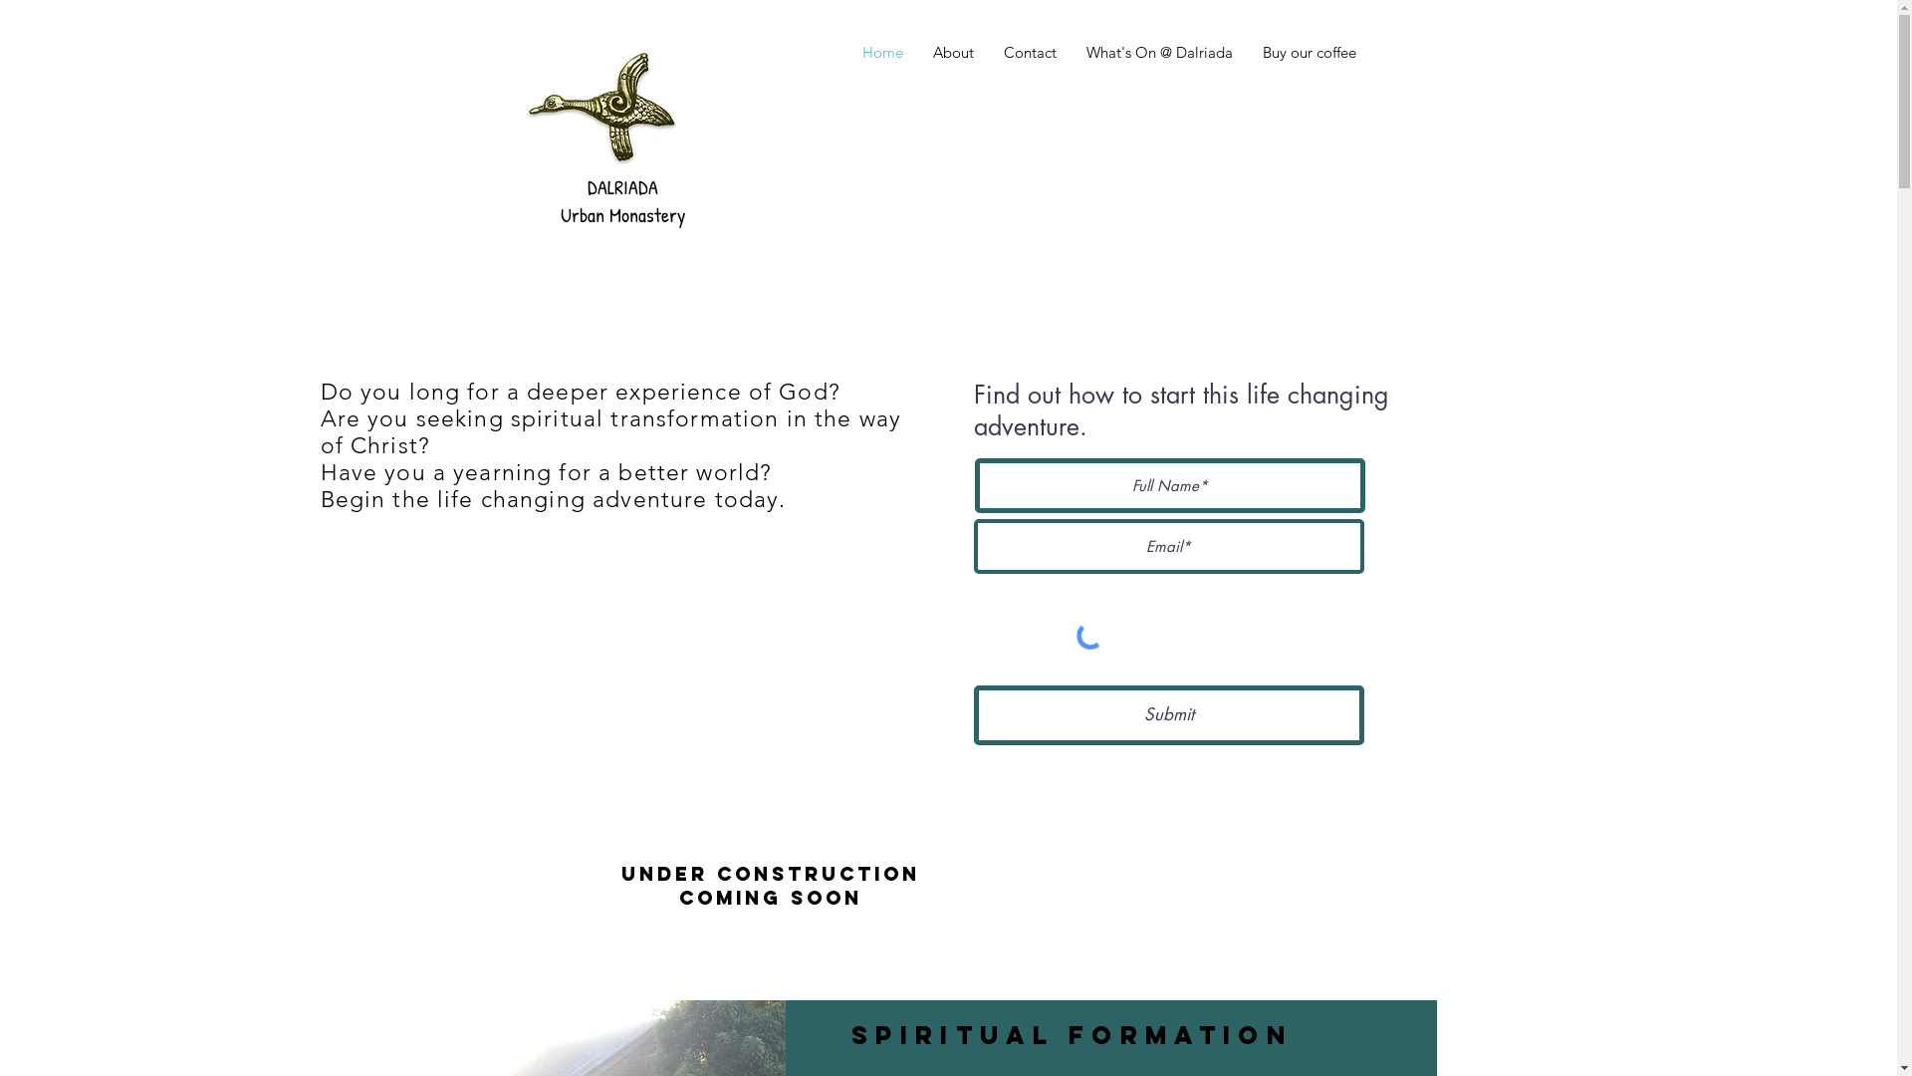 The width and height of the screenshot is (1912, 1076). I want to click on 'Submit', so click(1169, 713).